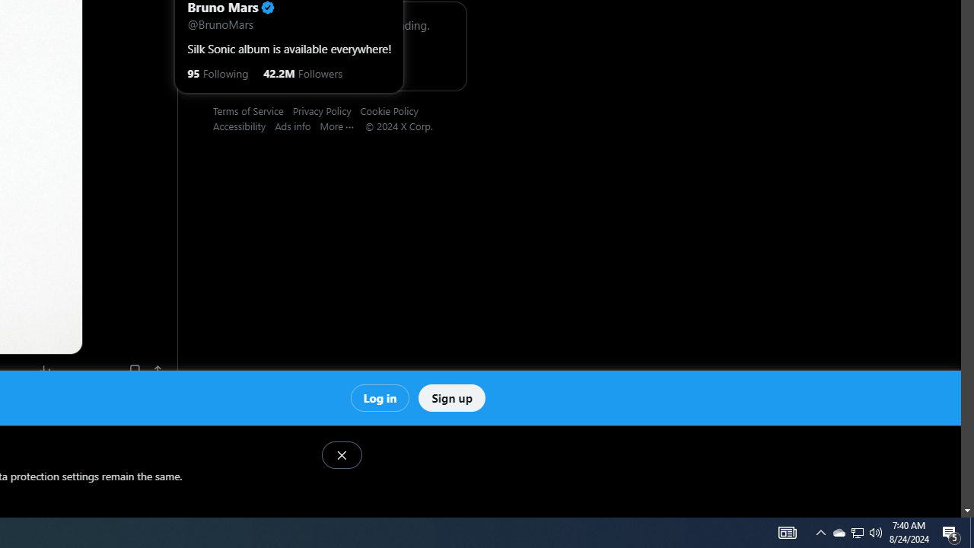  I want to click on 'Cookie Policy', so click(393, 110).